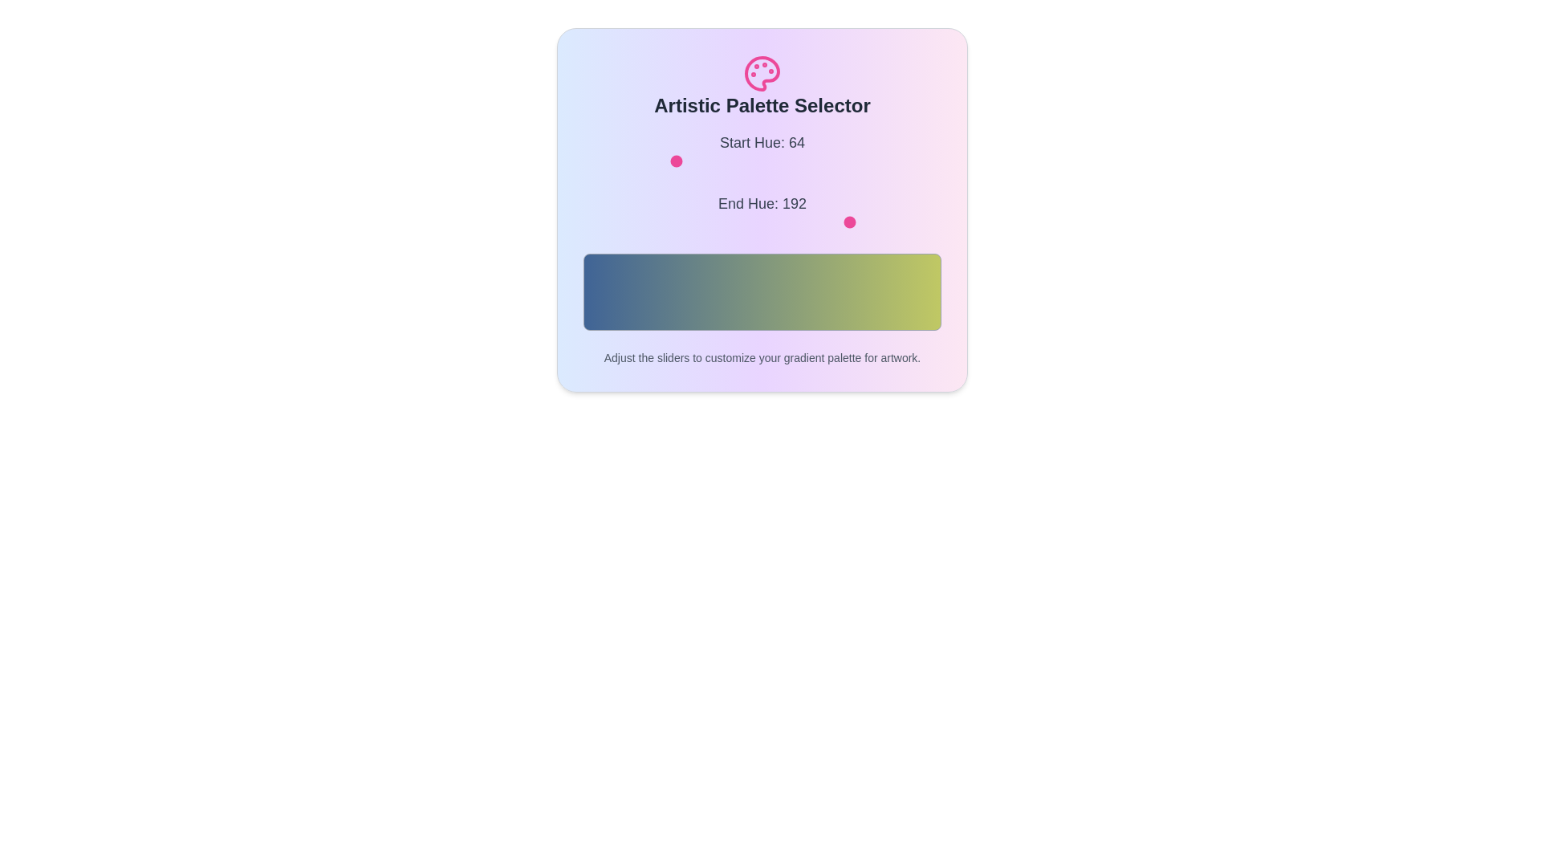  Describe the element at coordinates (762, 74) in the screenshot. I see `the header icon to emphasize it visually` at that location.